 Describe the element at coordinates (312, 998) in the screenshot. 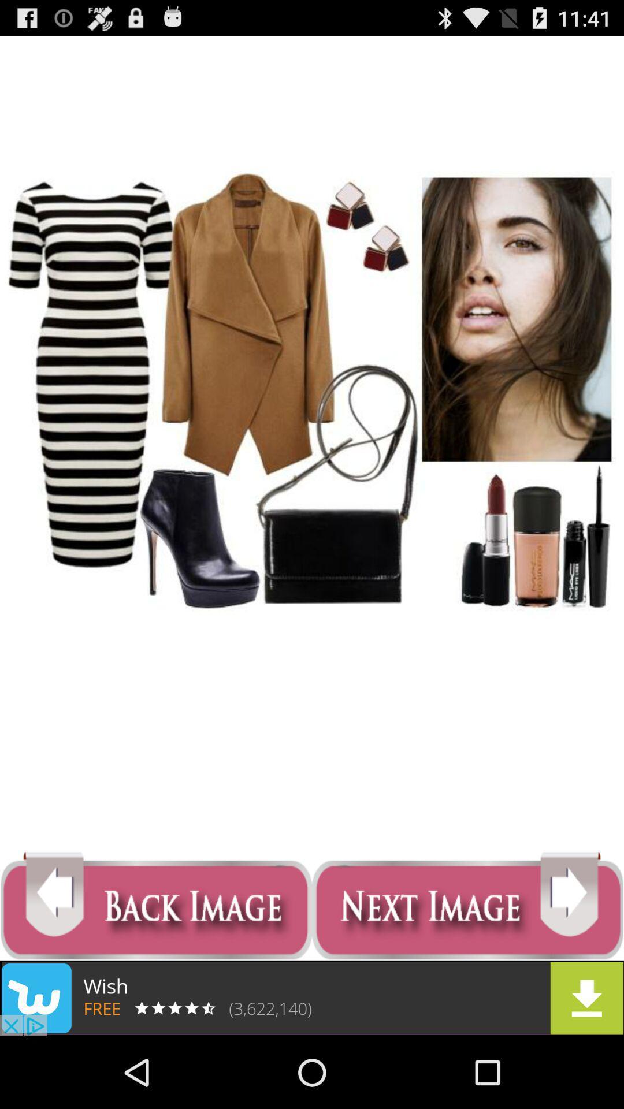

I see `advertisement download option` at that location.